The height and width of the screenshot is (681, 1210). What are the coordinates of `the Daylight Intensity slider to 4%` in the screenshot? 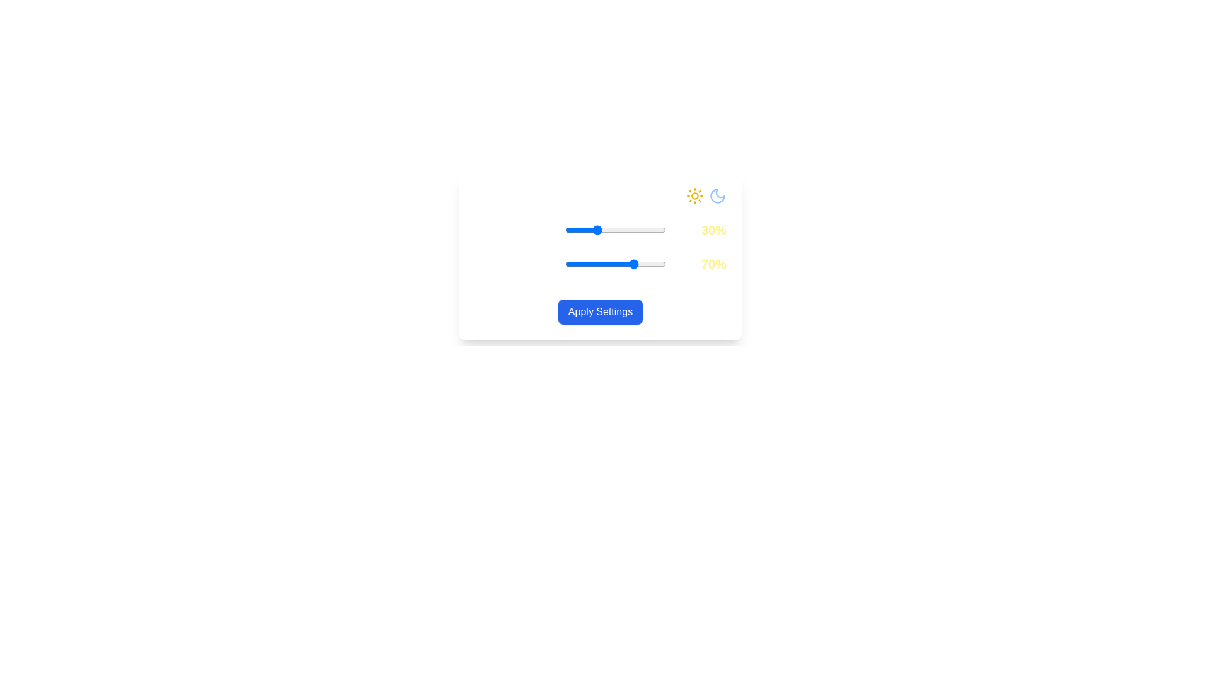 It's located at (568, 230).